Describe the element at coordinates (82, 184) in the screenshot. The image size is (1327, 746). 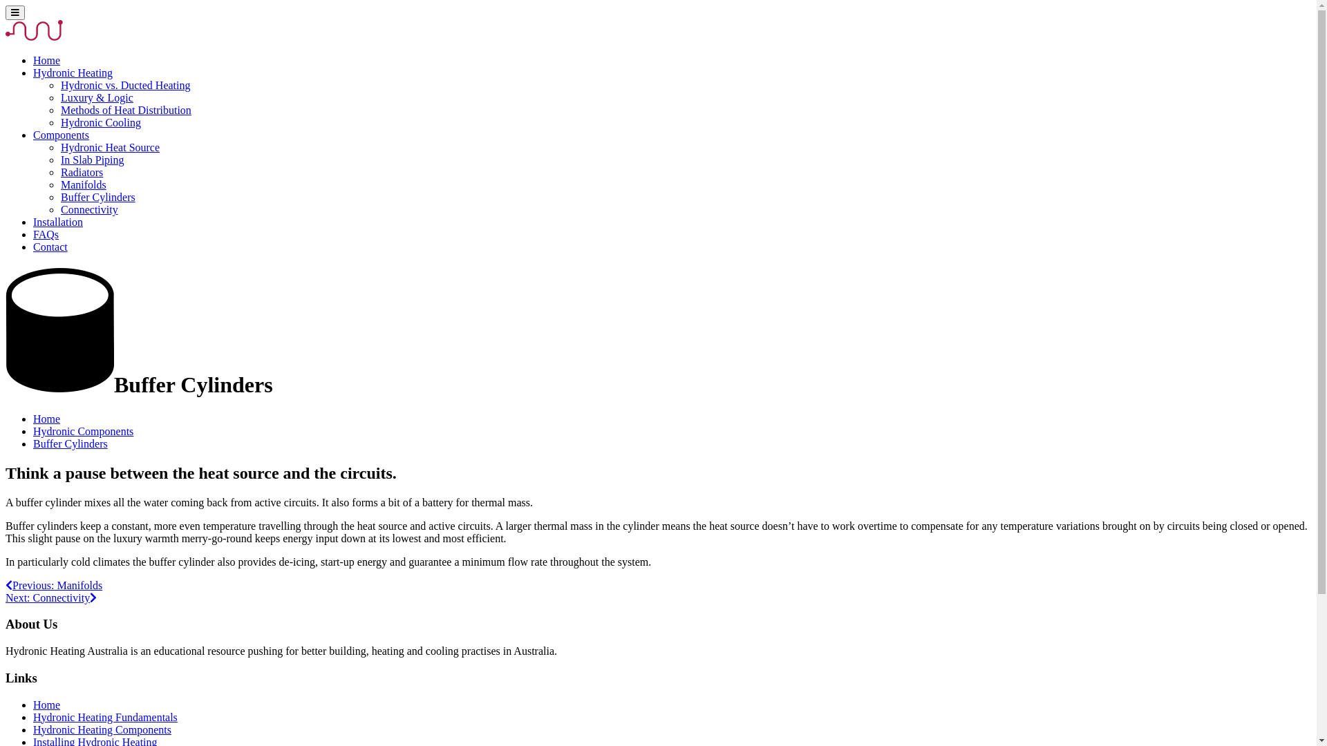
I see `'Manifolds'` at that location.